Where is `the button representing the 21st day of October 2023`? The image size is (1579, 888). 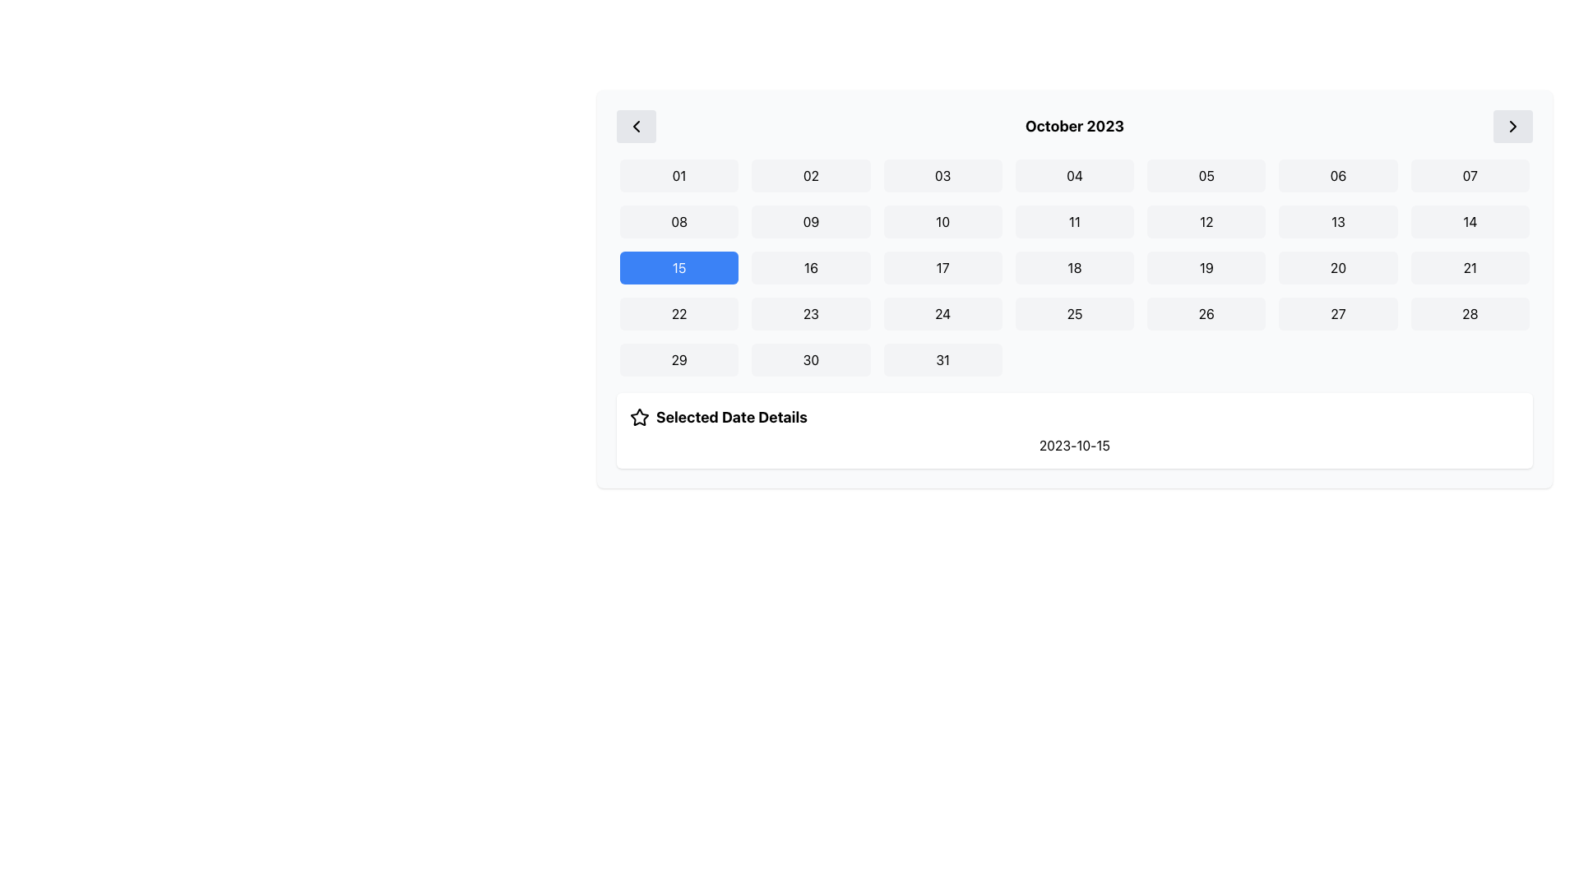
the button representing the 21st day of October 2023 is located at coordinates (1470, 267).